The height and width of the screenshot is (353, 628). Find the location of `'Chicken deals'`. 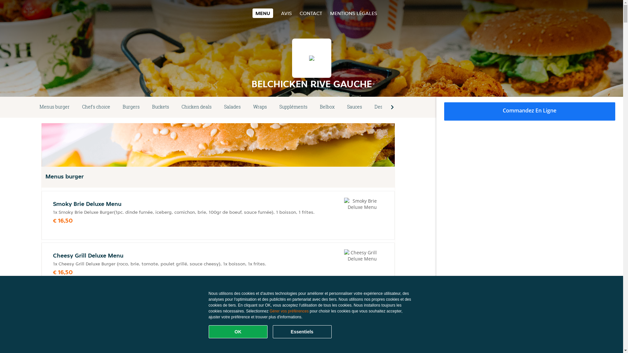

'Chicken deals' is located at coordinates (196, 107).